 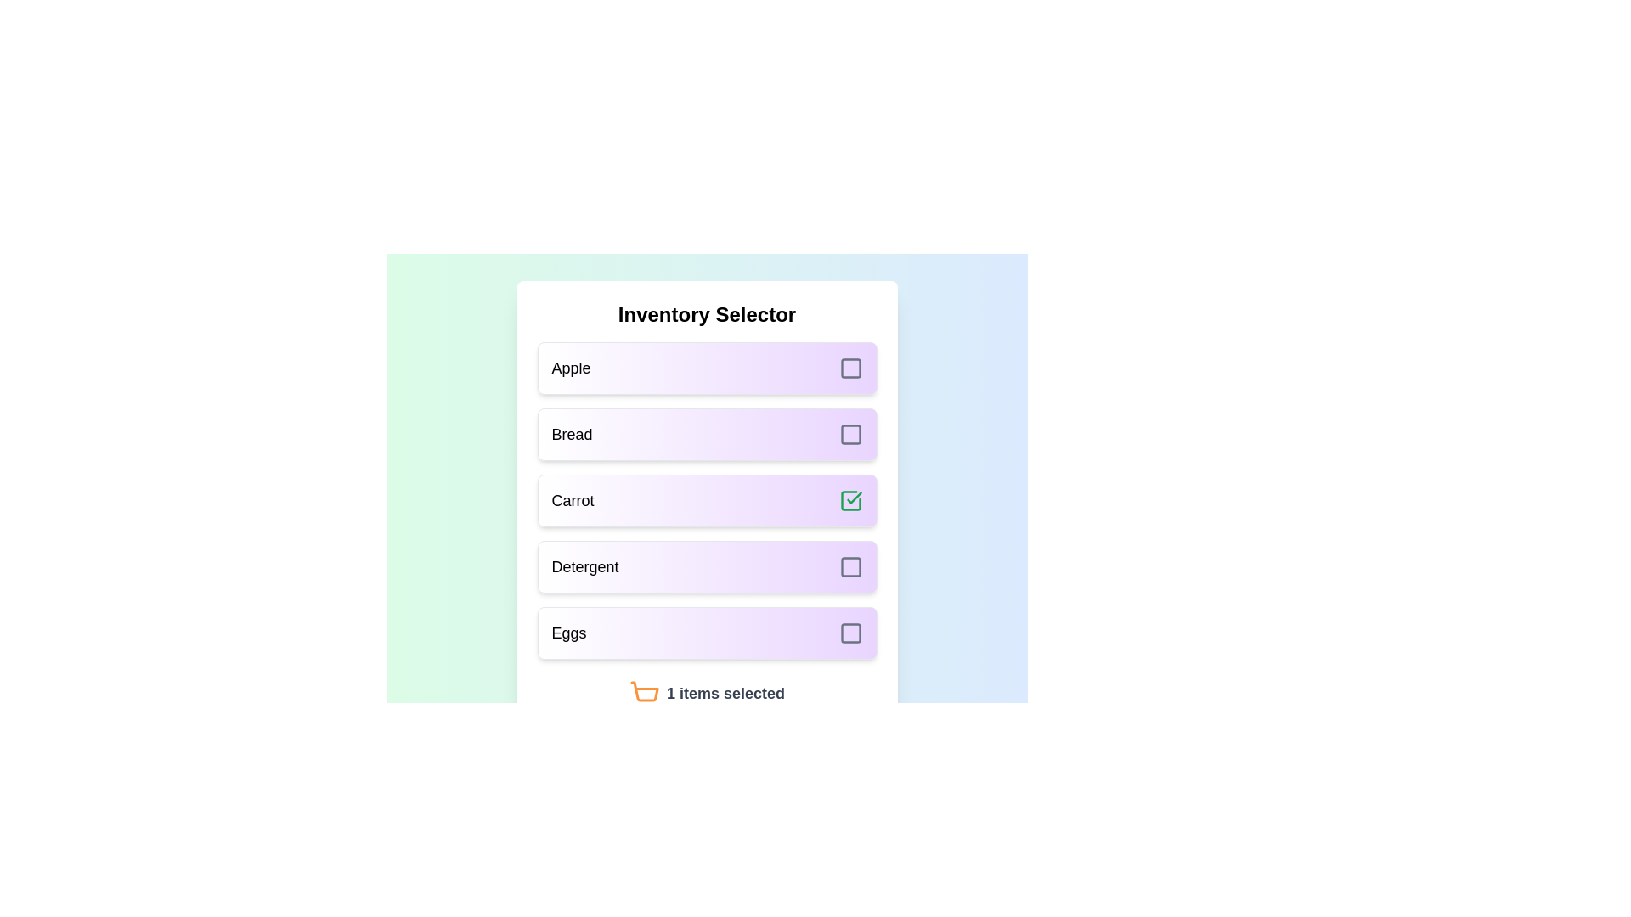 I want to click on the list item Apple, so click(x=707, y=368).